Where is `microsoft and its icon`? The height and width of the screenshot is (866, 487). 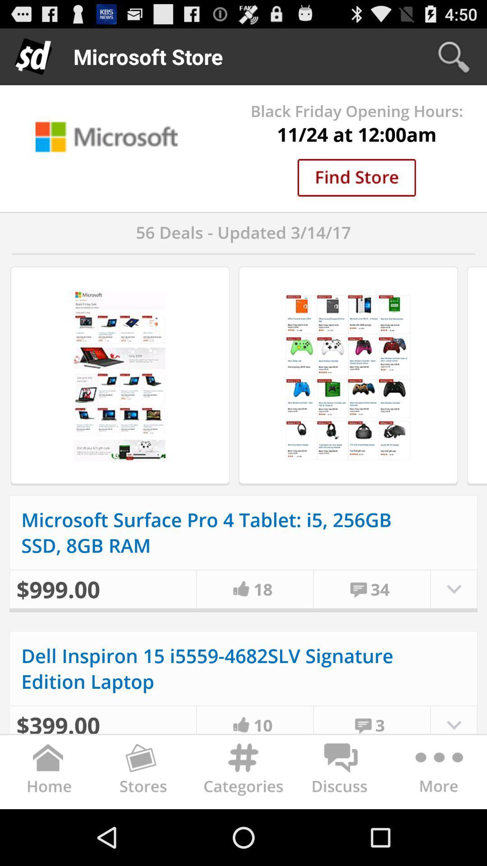
microsoft and its icon is located at coordinates (106, 136).